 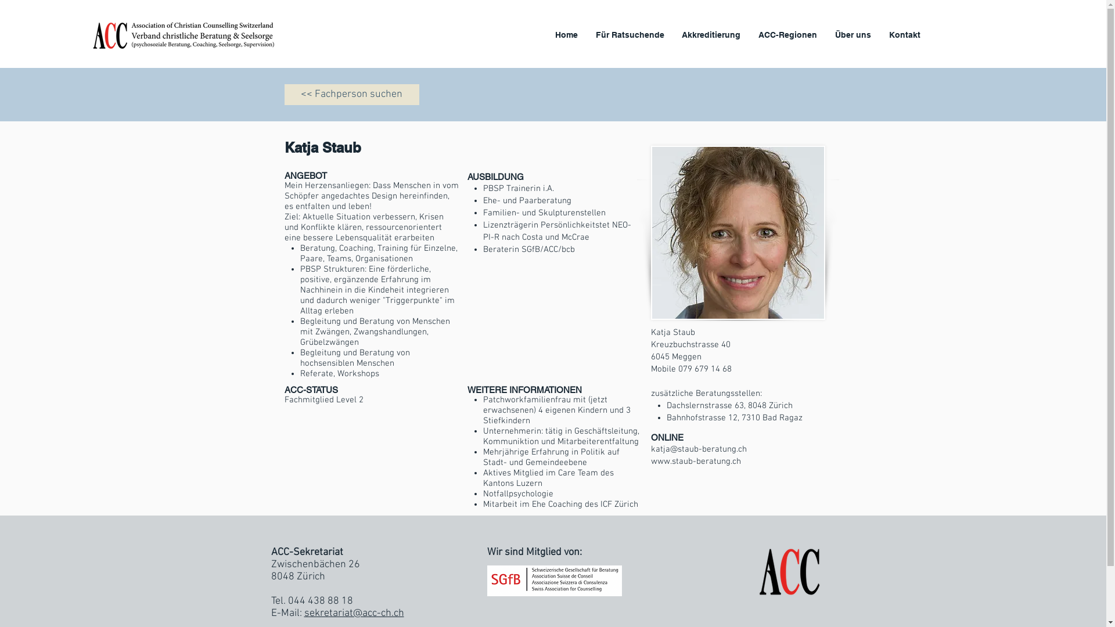 What do you see at coordinates (904, 34) in the screenshot?
I see `'Kontakt'` at bounding box center [904, 34].